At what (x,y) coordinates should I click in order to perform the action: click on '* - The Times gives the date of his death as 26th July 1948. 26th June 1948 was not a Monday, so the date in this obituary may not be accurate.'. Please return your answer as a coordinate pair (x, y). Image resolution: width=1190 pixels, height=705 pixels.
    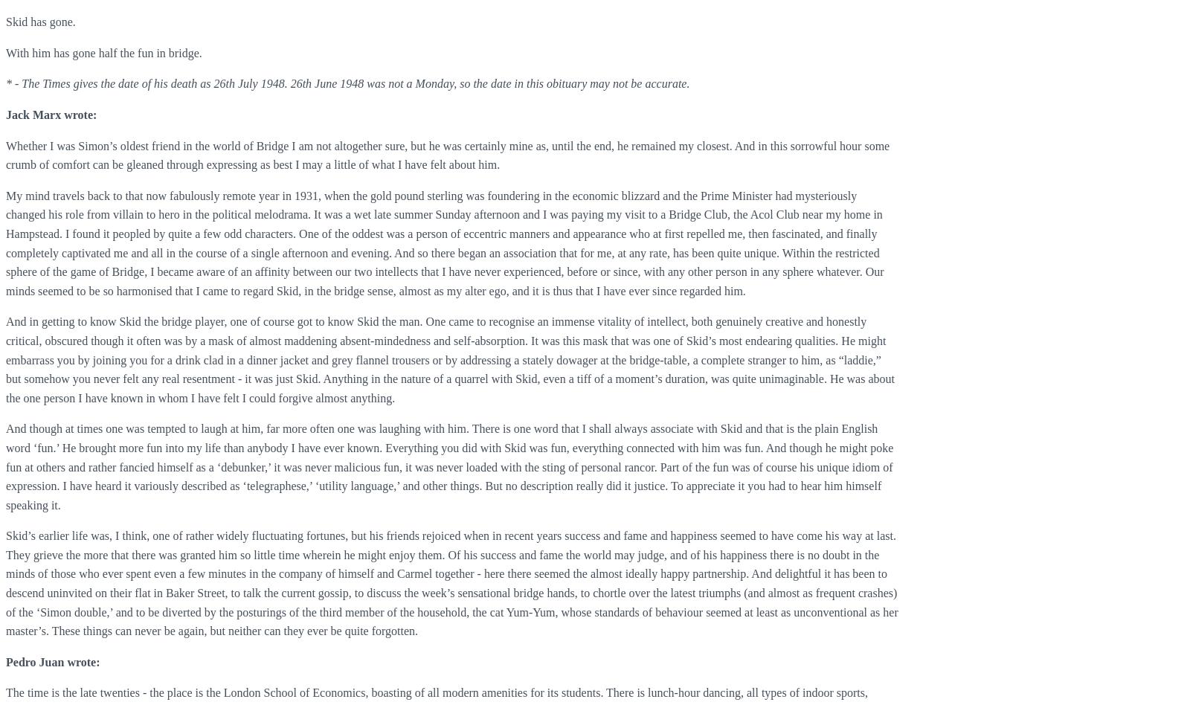
    Looking at the image, I should click on (347, 83).